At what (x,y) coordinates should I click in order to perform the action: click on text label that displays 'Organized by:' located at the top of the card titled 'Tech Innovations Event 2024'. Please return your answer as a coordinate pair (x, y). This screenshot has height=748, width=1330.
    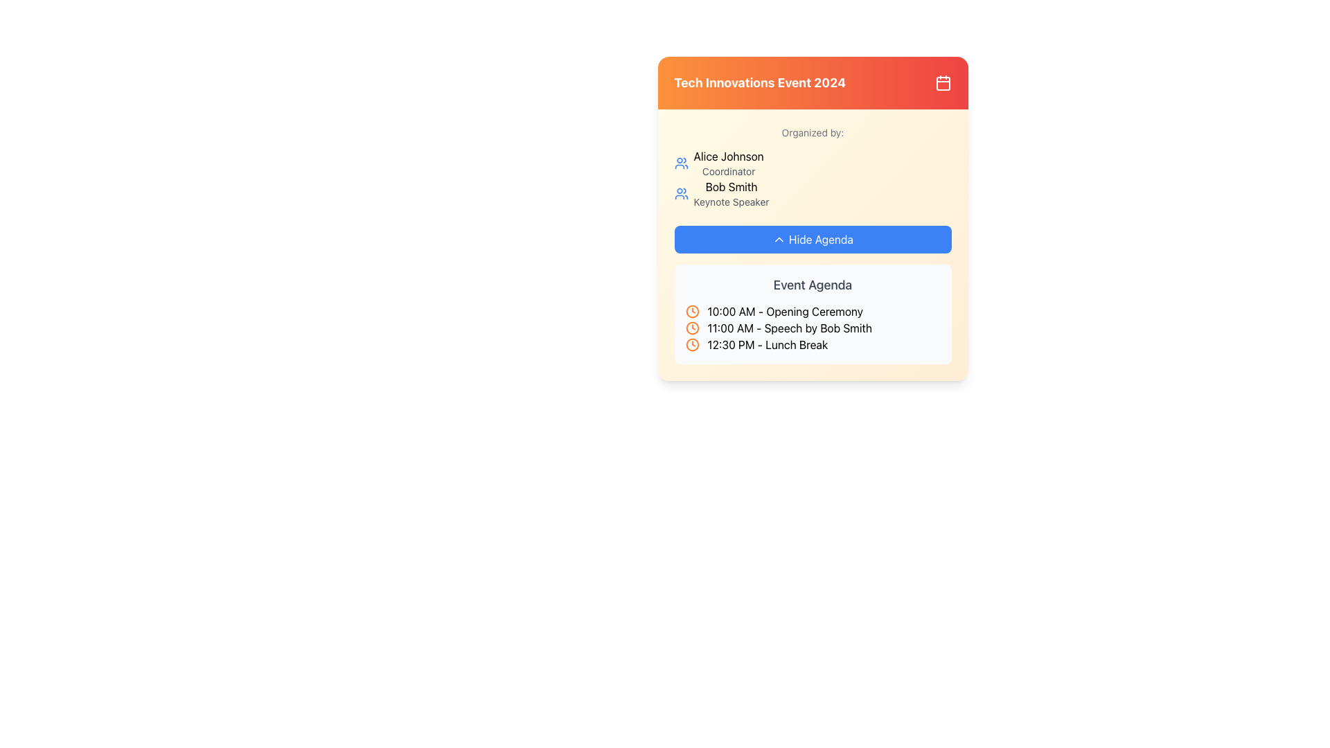
    Looking at the image, I should click on (813, 133).